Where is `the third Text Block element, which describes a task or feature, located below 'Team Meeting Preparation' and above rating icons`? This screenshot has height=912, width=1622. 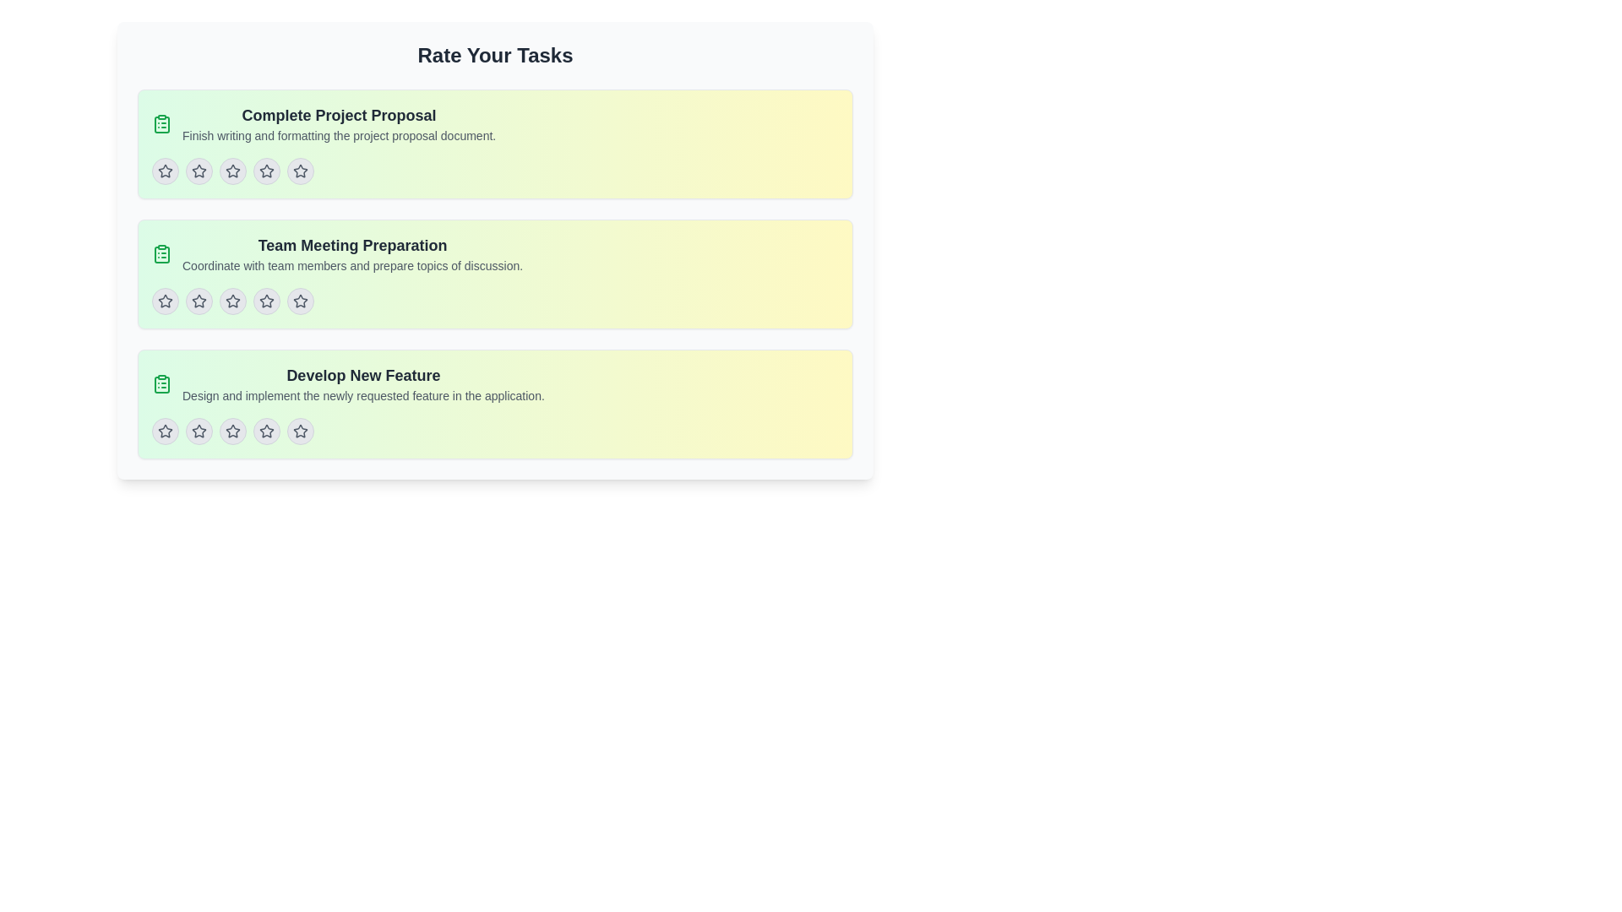
the third Text Block element, which describes a task or feature, located below 'Team Meeting Preparation' and above rating icons is located at coordinates (362, 384).